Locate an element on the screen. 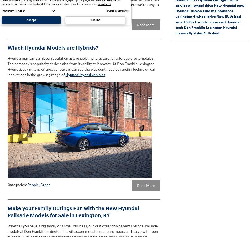 Image resolution: width=252 pixels, height=237 pixels. 'Hyundai Kona' is located at coordinates (207, 22).